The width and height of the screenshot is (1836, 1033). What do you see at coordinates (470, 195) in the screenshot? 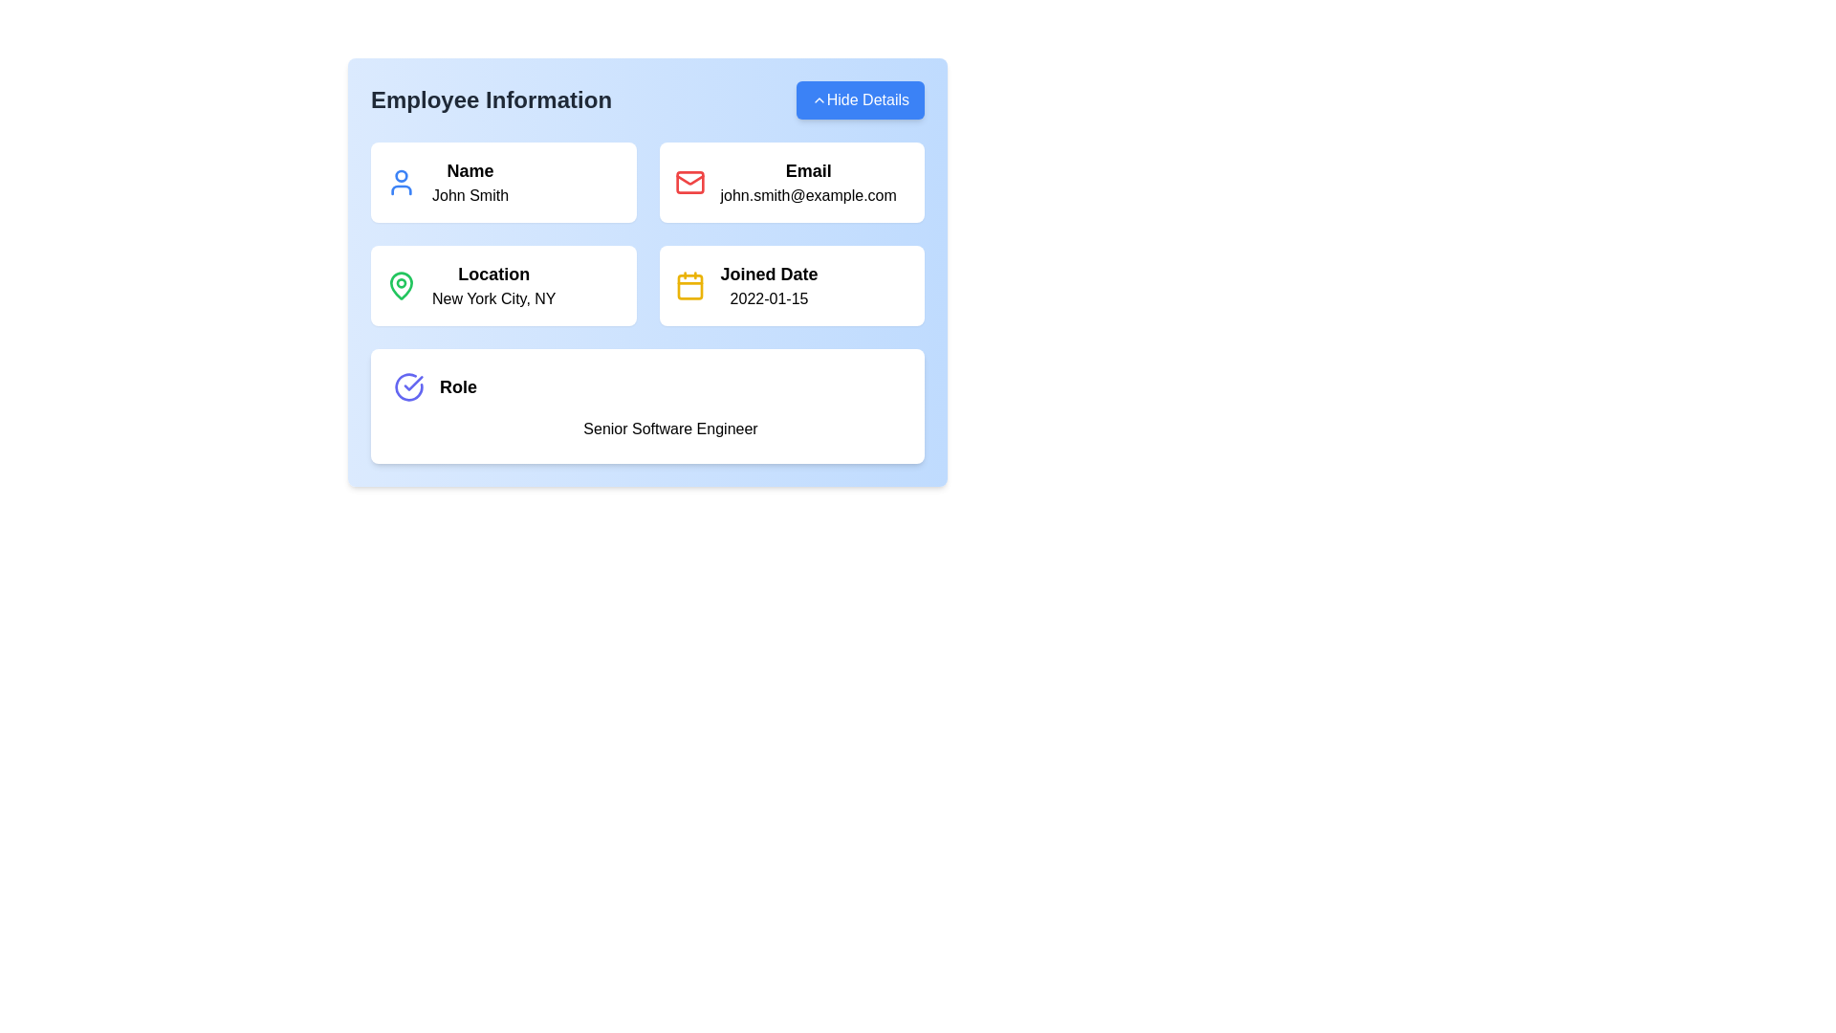
I see `the static text displaying 'John Smith' located under the title 'Name' in the 'Employee Information' section` at bounding box center [470, 195].